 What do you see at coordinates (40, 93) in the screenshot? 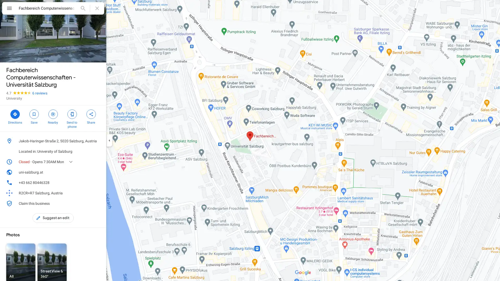
I see `6 reviews` at bounding box center [40, 93].